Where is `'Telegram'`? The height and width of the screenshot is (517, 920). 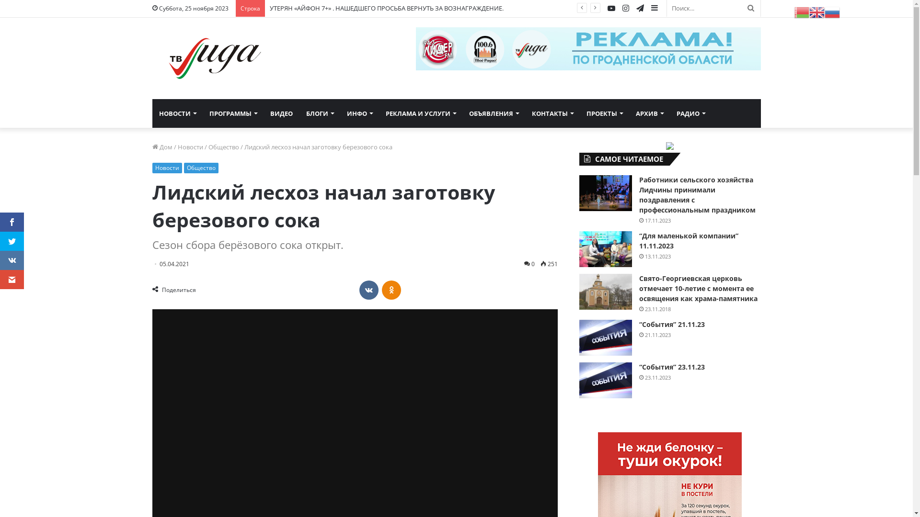
'Telegram' is located at coordinates (639, 9).